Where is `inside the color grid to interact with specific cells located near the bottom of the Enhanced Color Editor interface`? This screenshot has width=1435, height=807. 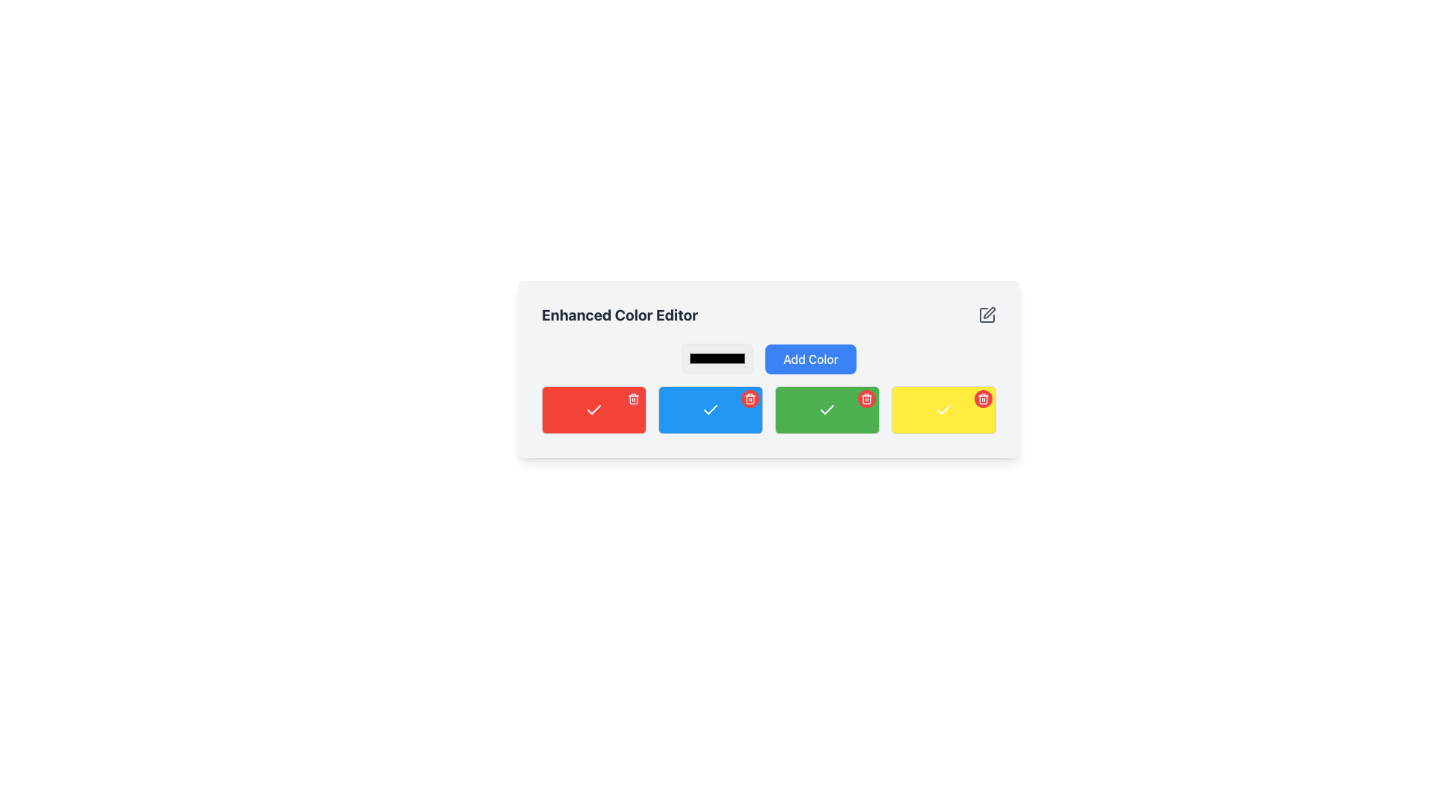 inside the color grid to interact with specific cells located near the bottom of the Enhanced Color Editor interface is located at coordinates (768, 409).